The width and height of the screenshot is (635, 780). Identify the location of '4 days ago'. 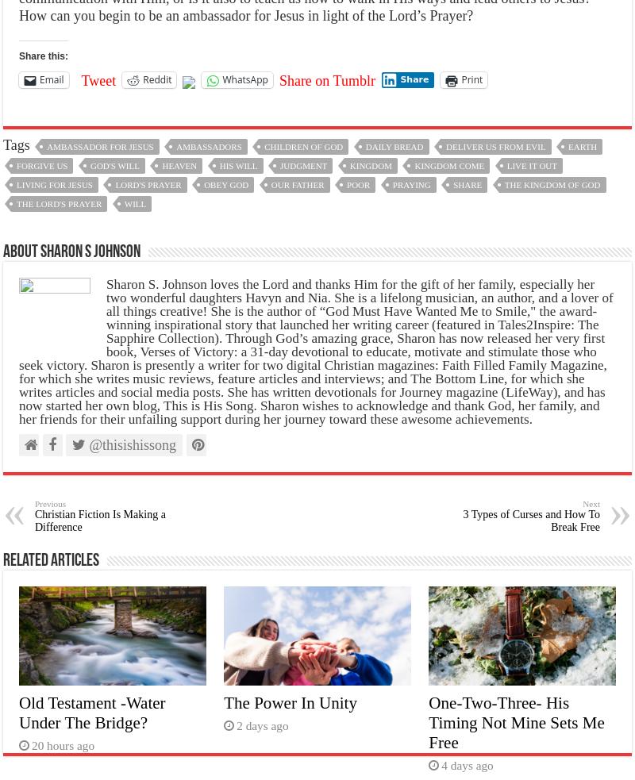
(466, 765).